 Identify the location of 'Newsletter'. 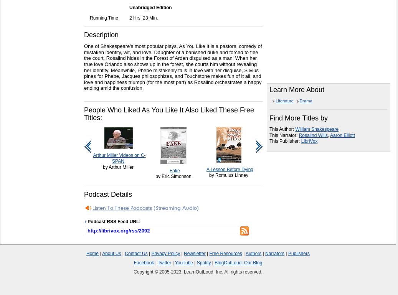
(194, 253).